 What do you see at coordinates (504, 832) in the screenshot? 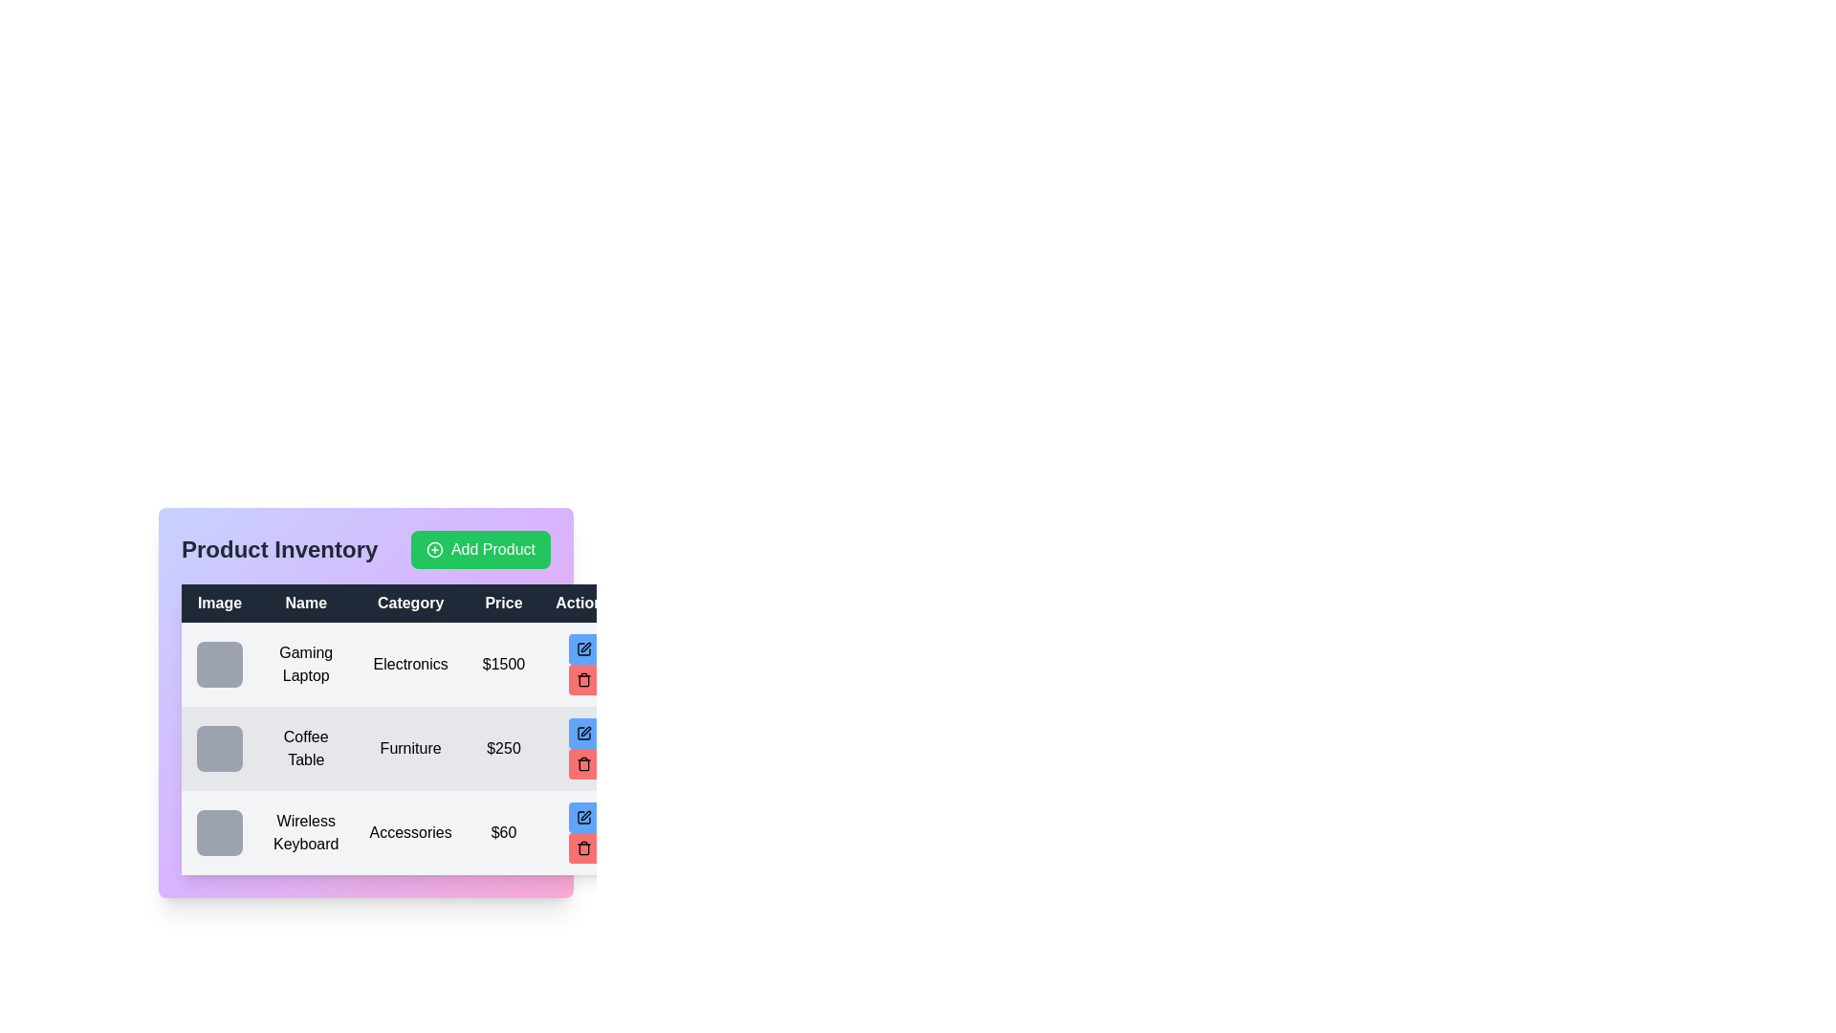
I see `the text label displaying '$60' in bold, located under the 'Price' column in the third row of the table, aligned with 'Wireless Keyboard' and 'Accessories'` at bounding box center [504, 832].